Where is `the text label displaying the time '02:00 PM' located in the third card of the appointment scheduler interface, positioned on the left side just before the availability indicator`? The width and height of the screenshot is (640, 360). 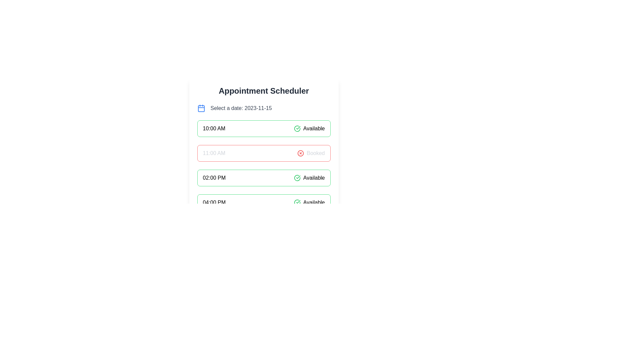 the text label displaying the time '02:00 PM' located in the third card of the appointment scheduler interface, positioned on the left side just before the availability indicator is located at coordinates (214, 177).